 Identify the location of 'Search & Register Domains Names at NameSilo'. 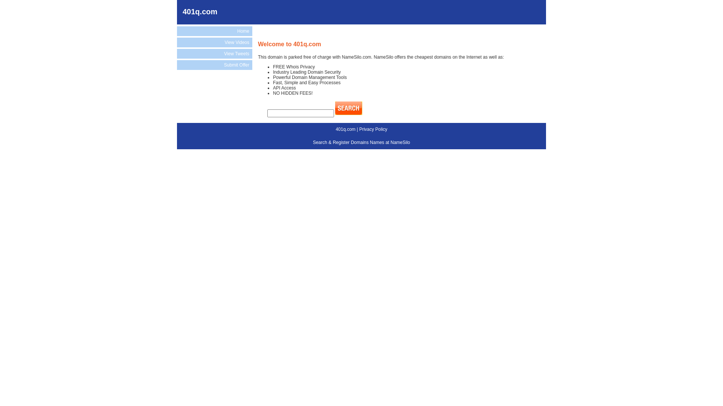
(361, 142).